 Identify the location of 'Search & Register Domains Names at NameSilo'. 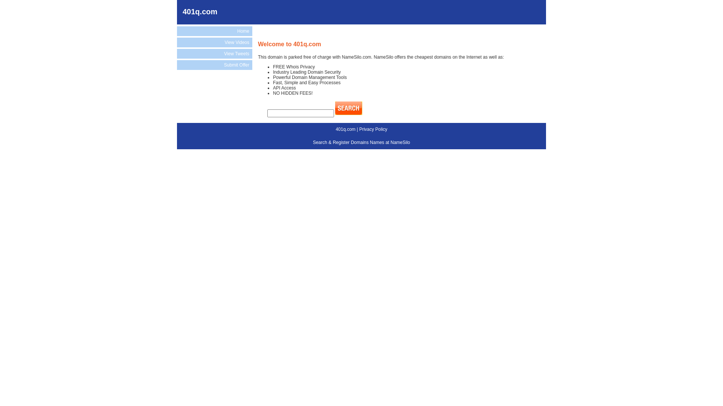
(361, 142).